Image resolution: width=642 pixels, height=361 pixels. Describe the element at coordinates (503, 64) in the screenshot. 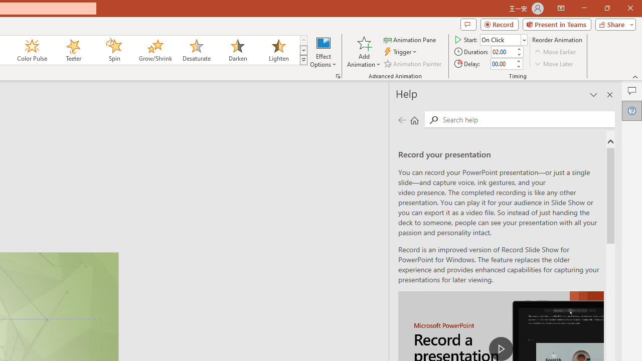

I see `'Animation Delay'` at that location.